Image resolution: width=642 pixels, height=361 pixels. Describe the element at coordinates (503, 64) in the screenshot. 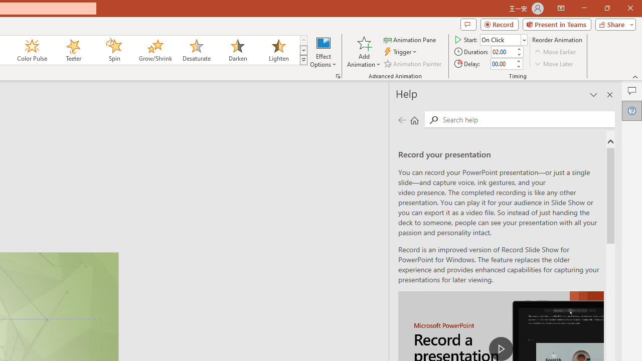

I see `'Animation Delay'` at that location.